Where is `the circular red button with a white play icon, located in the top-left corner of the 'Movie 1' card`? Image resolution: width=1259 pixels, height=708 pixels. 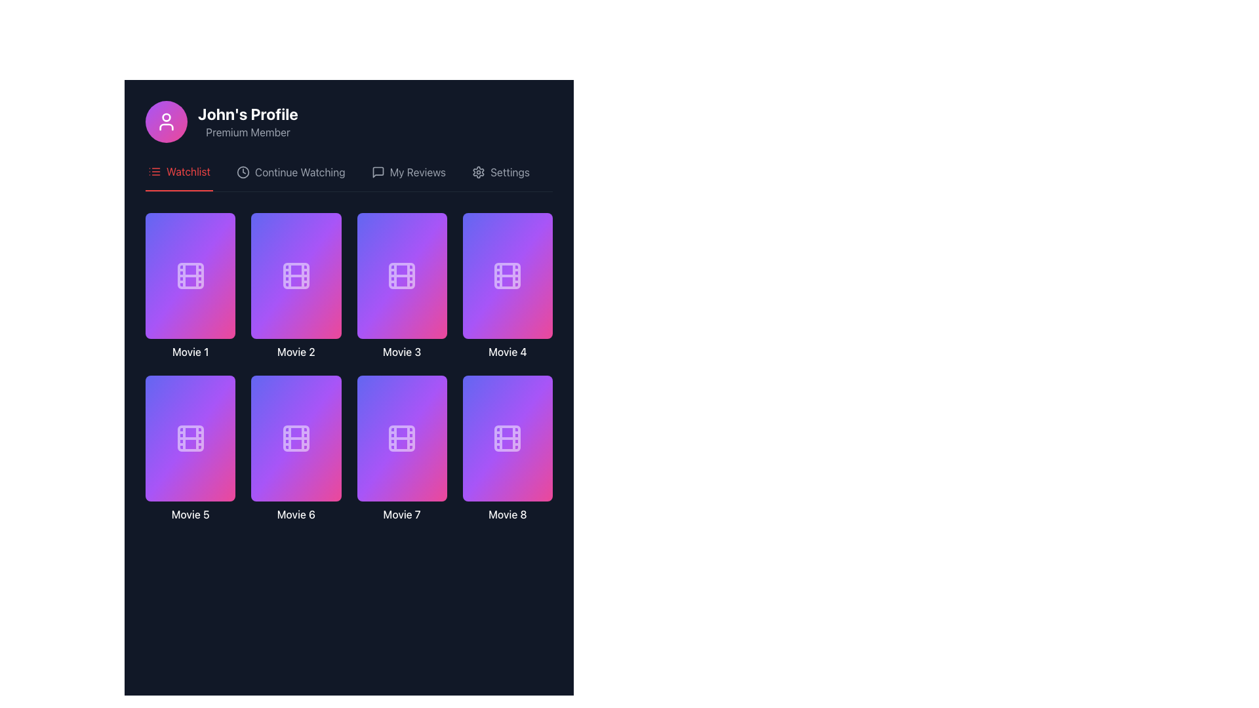 the circular red button with a white play icon, located in the top-left corner of the 'Movie 1' card is located at coordinates (190, 269).